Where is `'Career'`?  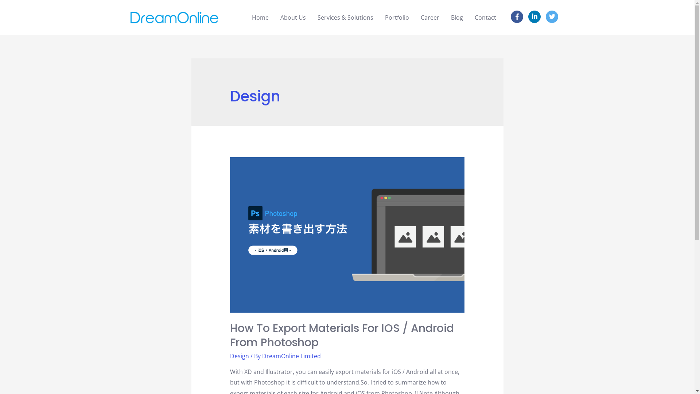 'Career' is located at coordinates (415, 17).